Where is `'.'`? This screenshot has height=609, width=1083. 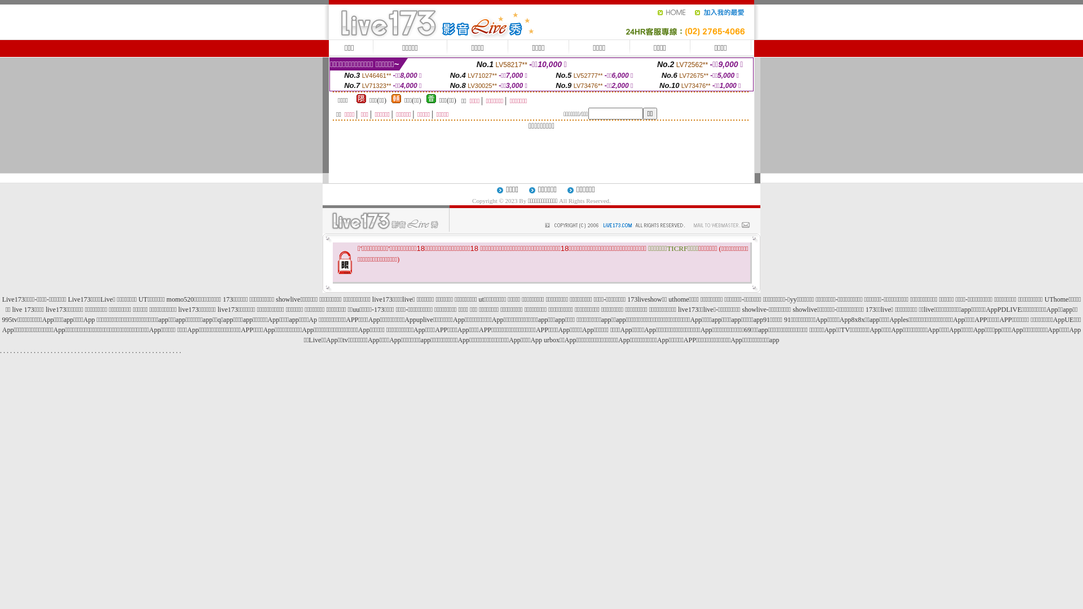
'.' is located at coordinates (56, 350).